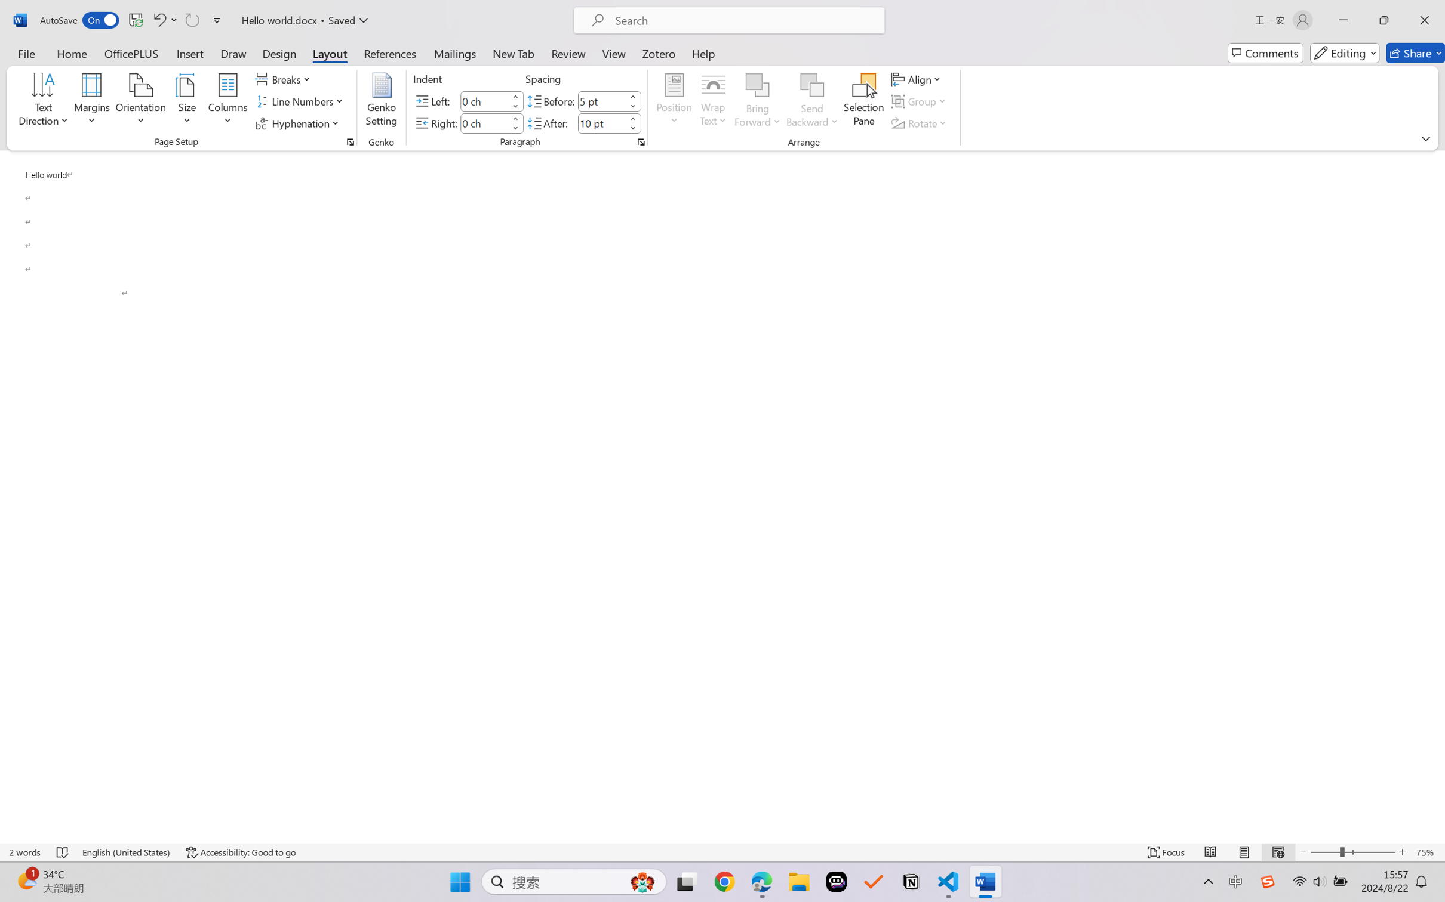  I want to click on 'Bring Forward', so click(758, 85).